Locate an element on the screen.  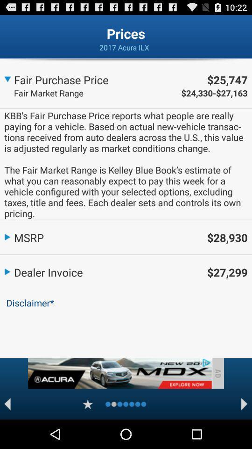
previous page is located at coordinates (7, 404).